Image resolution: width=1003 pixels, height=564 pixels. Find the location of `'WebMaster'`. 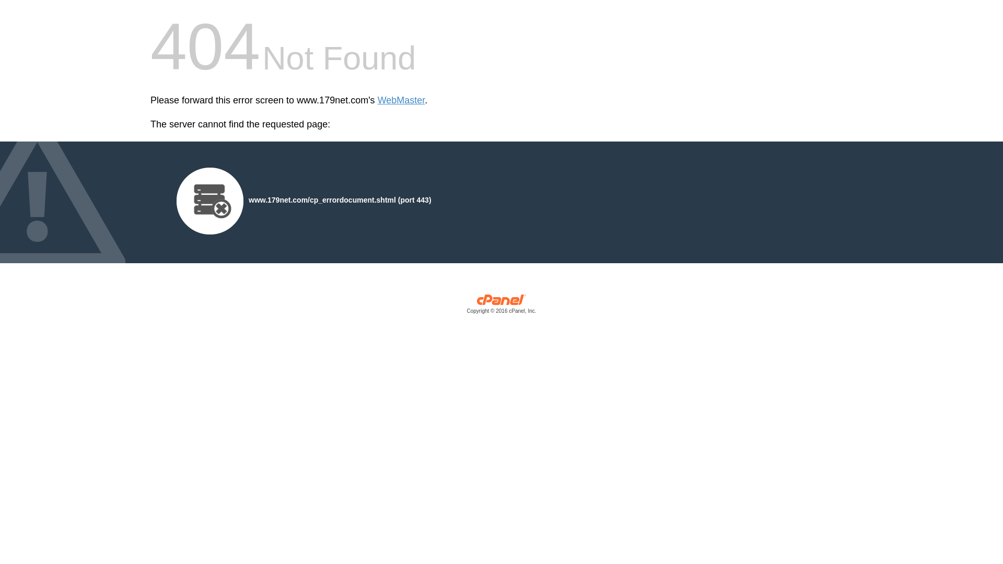

'WebMaster' is located at coordinates (377, 100).